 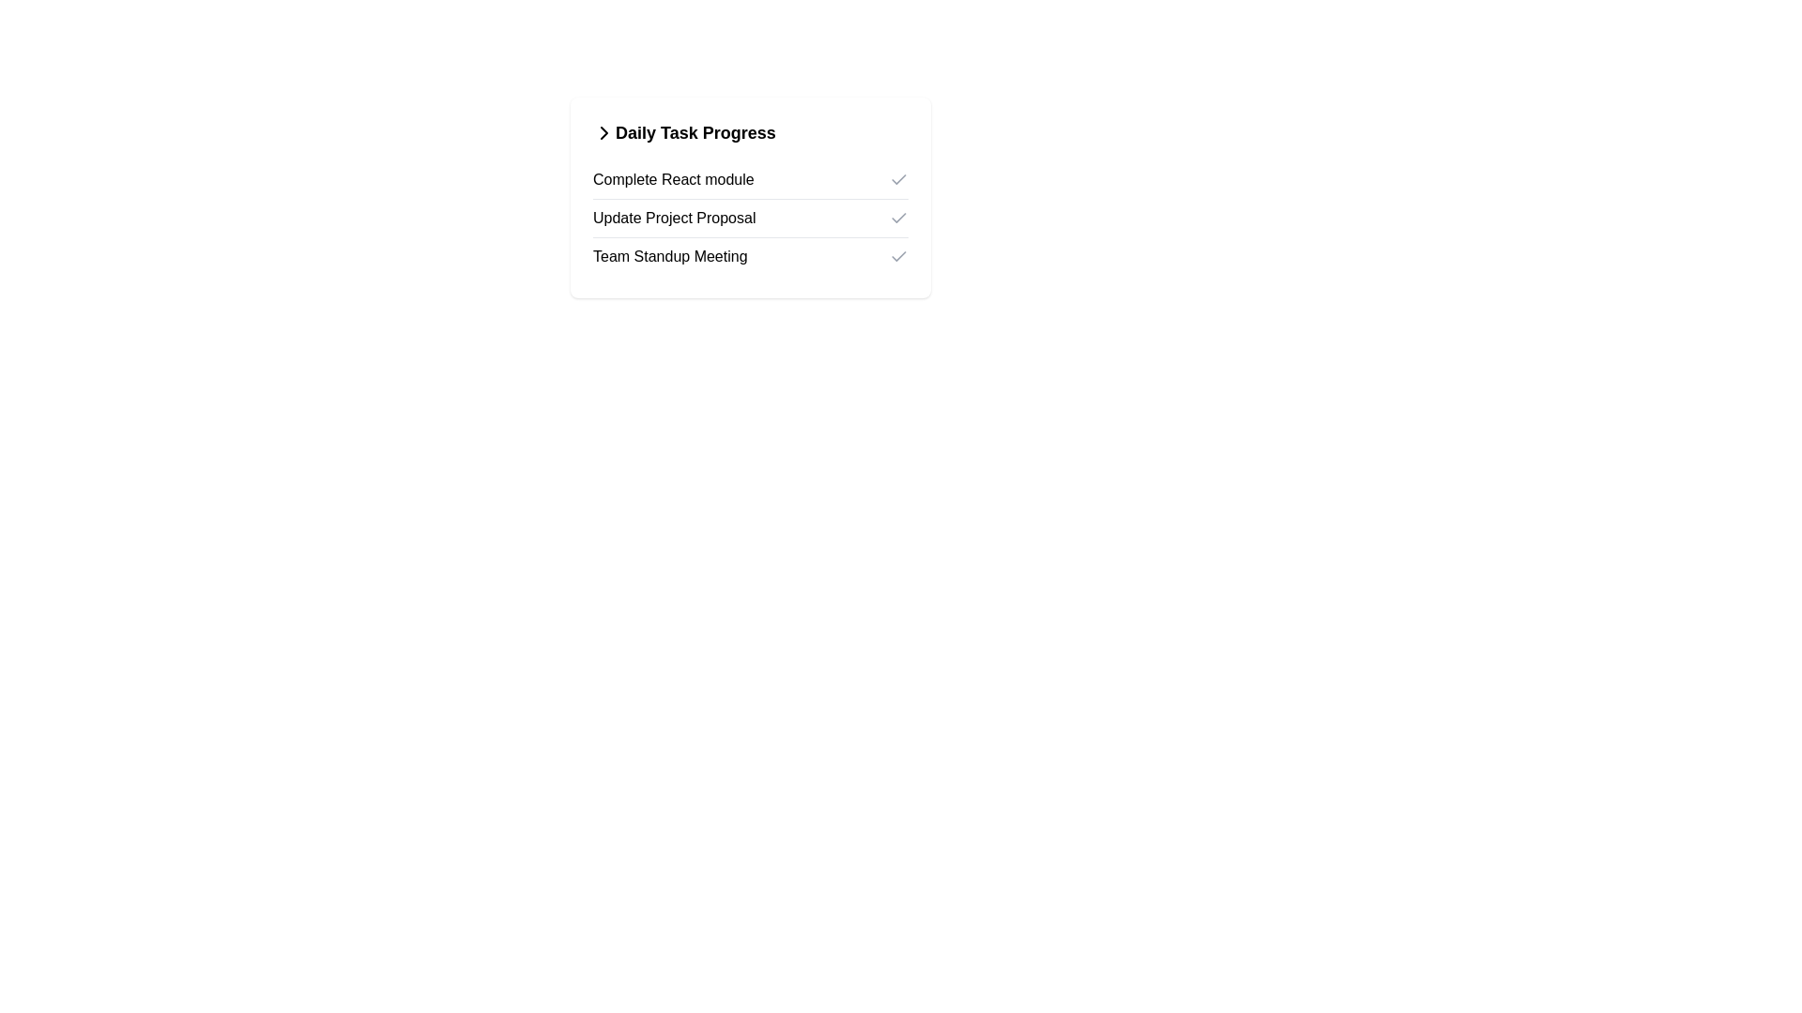 What do you see at coordinates (603, 132) in the screenshot?
I see `the chevron icon located to the left of the text 'Daily Task Progress', indicating expandability or forward navigation` at bounding box center [603, 132].